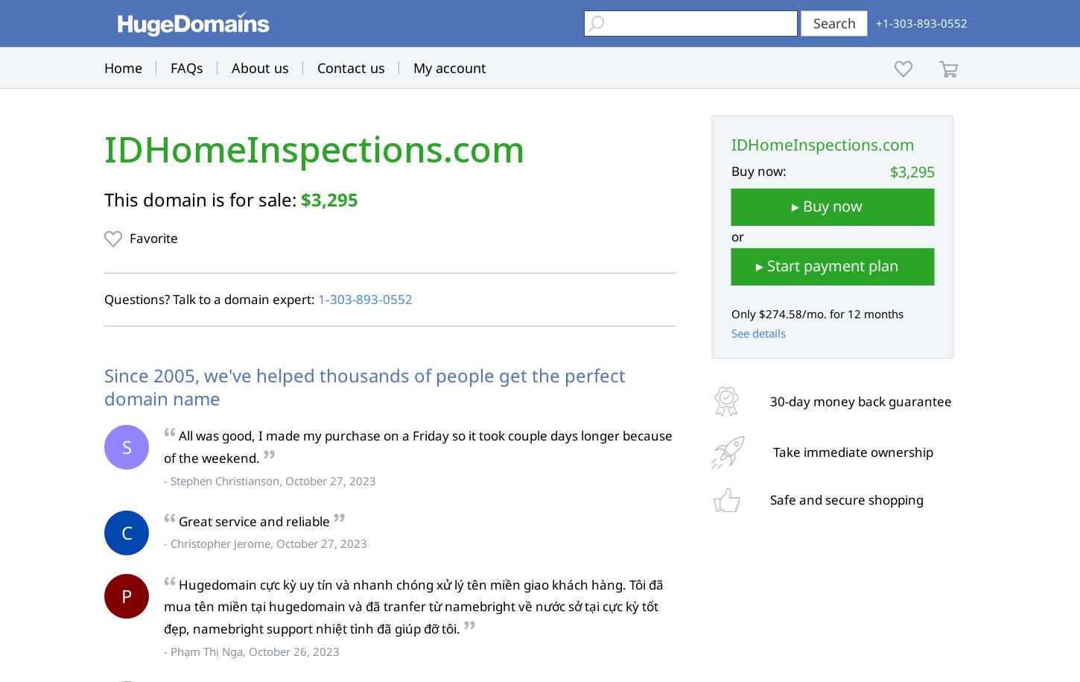 The image size is (1080, 682). I want to click on '$3,295', so click(328, 198).